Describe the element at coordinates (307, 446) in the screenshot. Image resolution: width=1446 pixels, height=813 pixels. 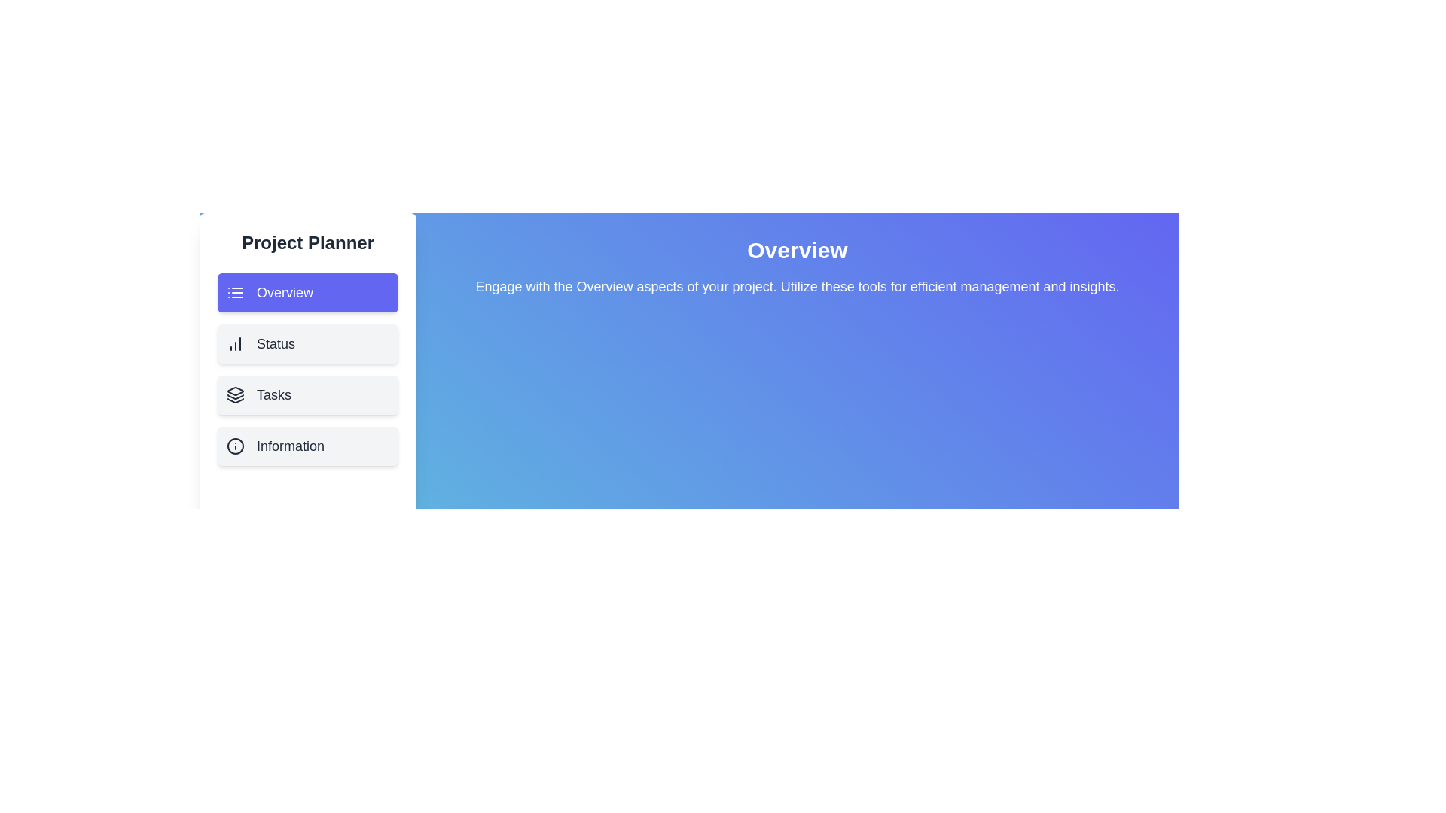
I see `the menu item Information to observe its hover effect` at that location.